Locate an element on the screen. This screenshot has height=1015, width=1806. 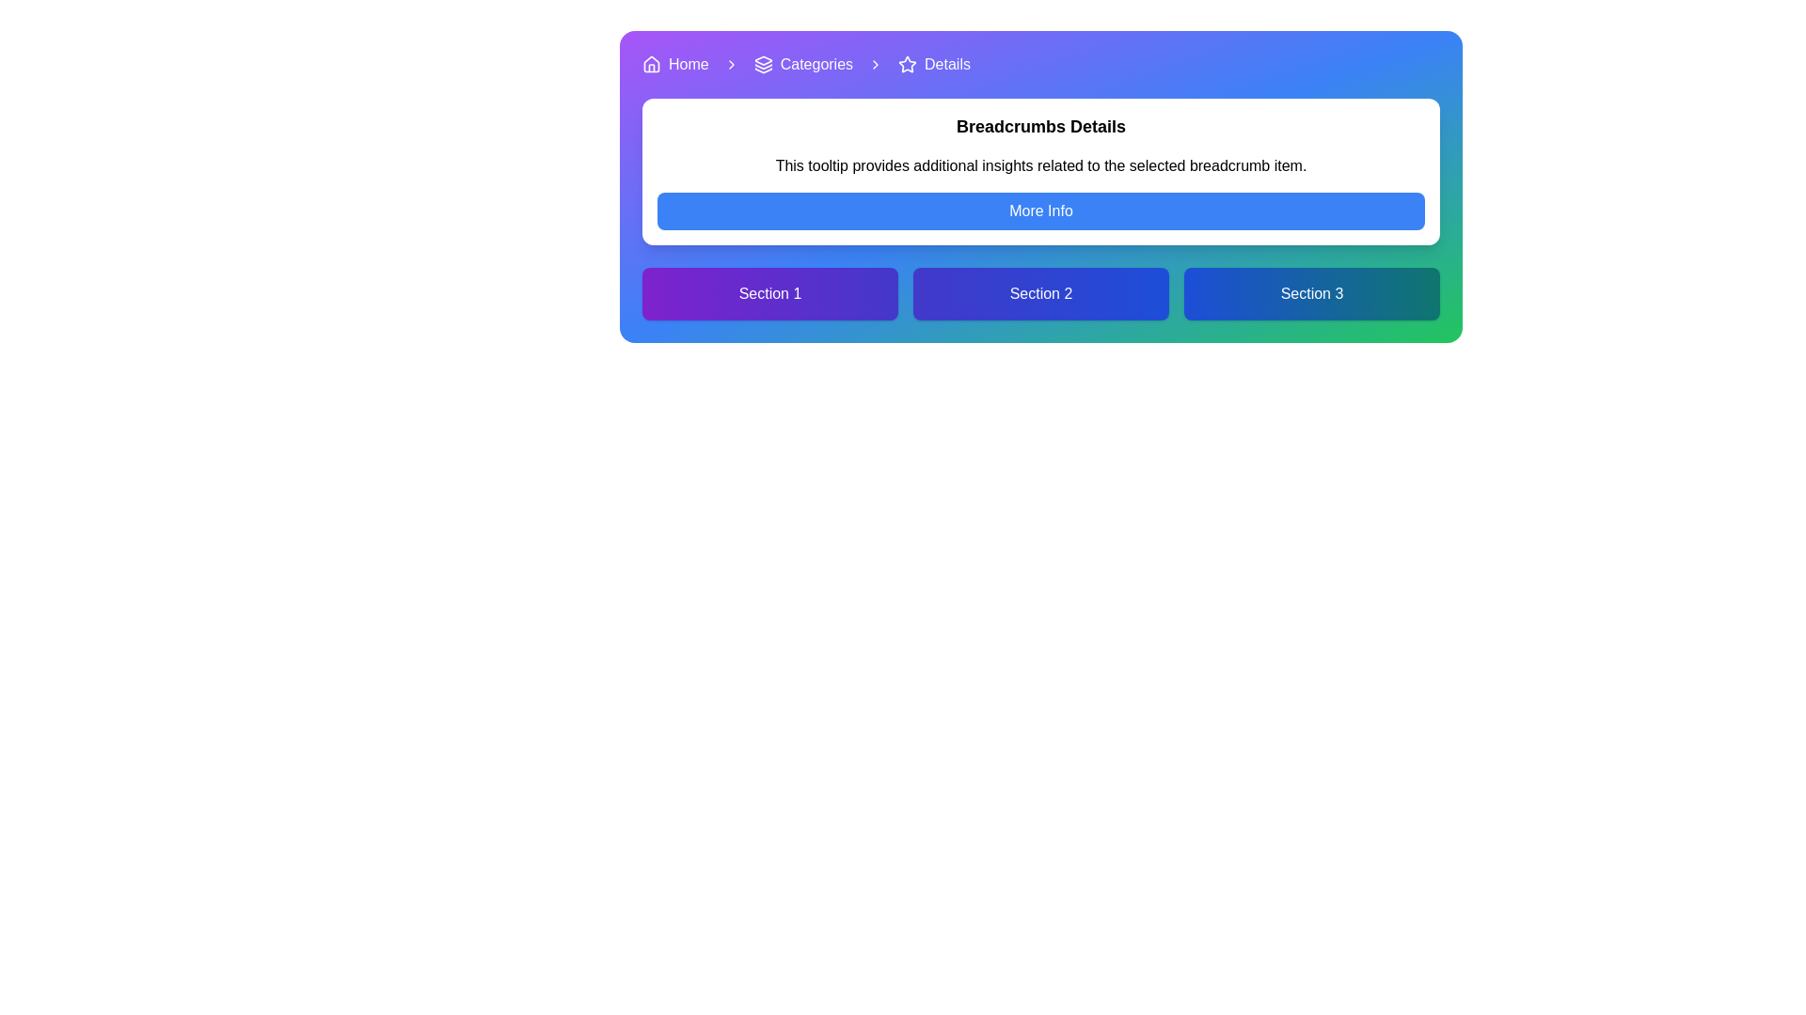
the breadcrumb item that represents the second navigational step between 'Home' and 'Details' is located at coordinates (803, 64).